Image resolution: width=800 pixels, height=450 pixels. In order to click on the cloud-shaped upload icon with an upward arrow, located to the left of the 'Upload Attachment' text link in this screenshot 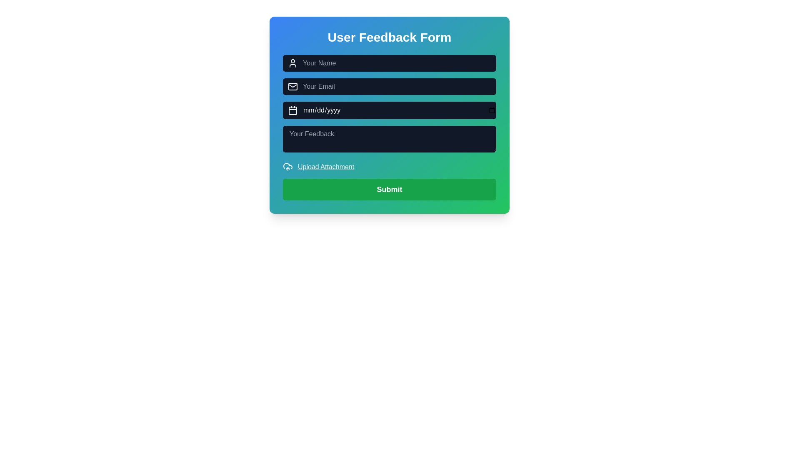, I will do `click(288, 167)`.